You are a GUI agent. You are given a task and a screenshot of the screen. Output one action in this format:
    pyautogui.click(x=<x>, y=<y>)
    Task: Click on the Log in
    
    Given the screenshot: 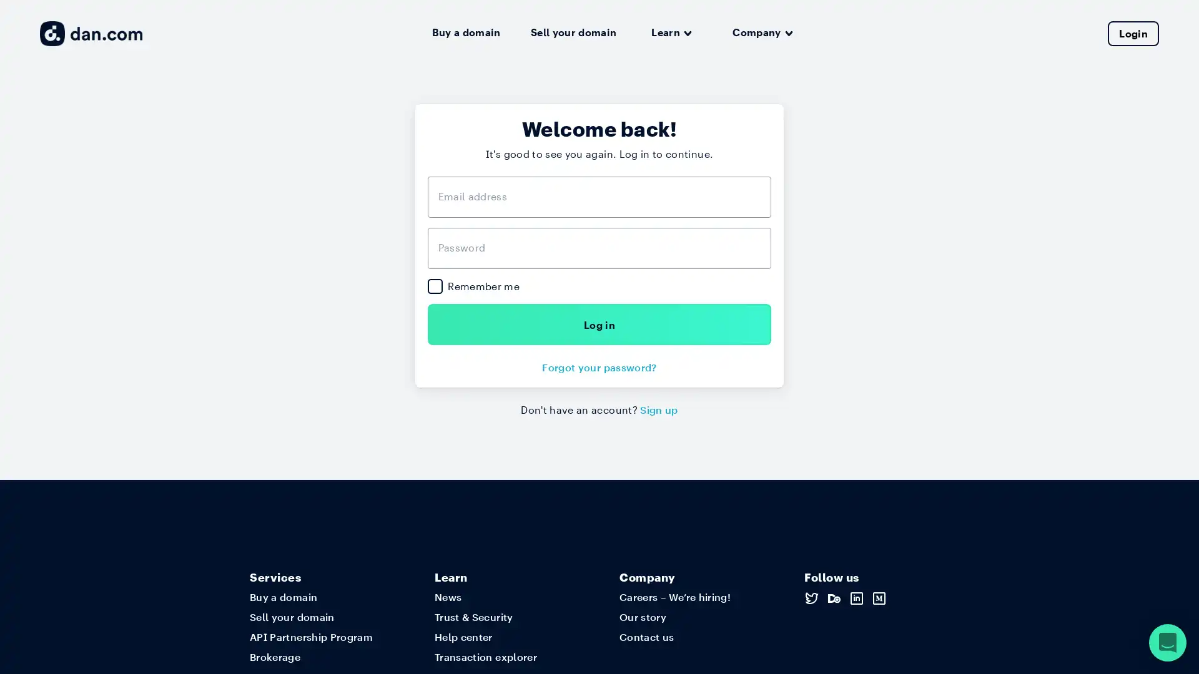 What is the action you would take?
    pyautogui.click(x=598, y=324)
    